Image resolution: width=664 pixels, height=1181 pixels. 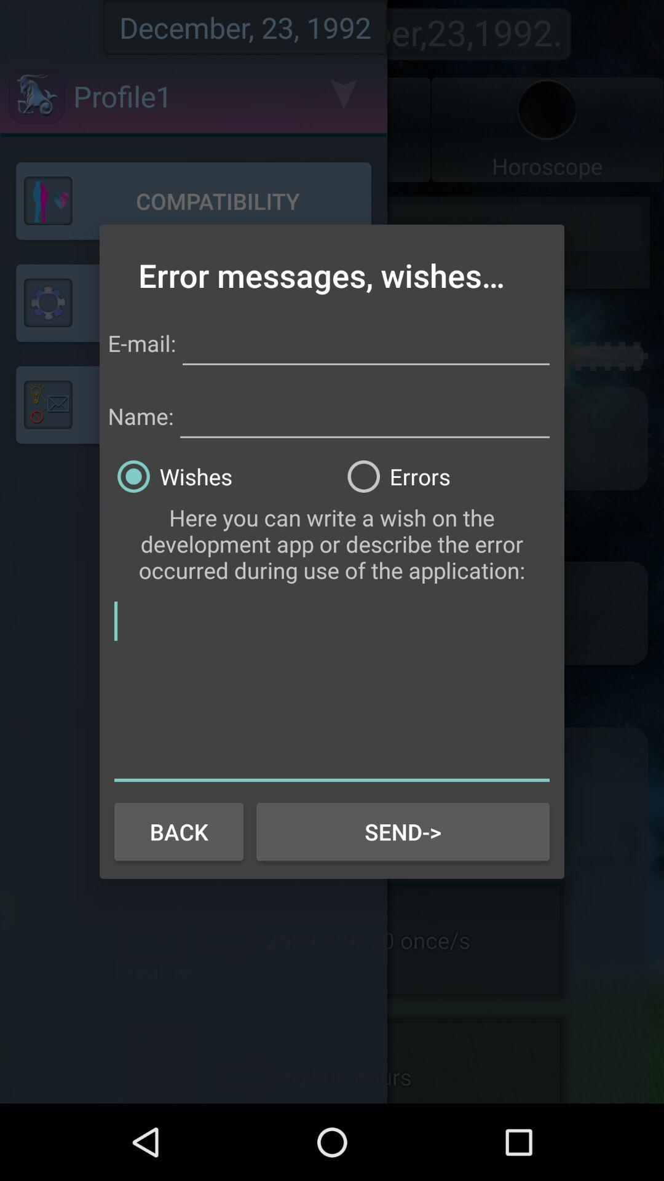 I want to click on the back item, so click(x=178, y=832).